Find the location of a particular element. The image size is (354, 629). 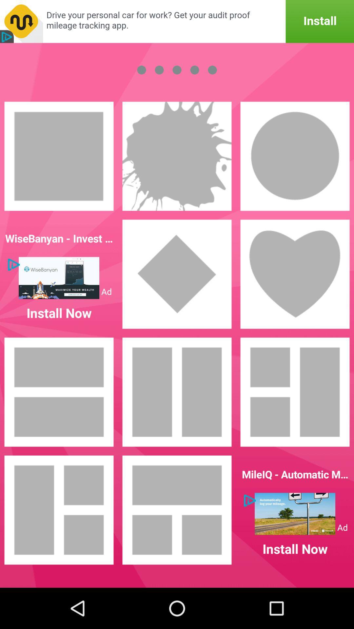

click for rectangular potrait is located at coordinates (59, 156).